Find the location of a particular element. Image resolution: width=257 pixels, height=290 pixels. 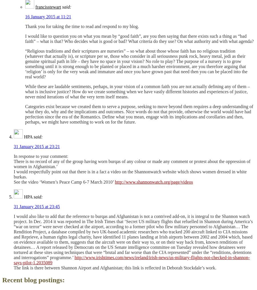

'http://www.shannonwatch.org/page/videos' is located at coordinates (153, 182).